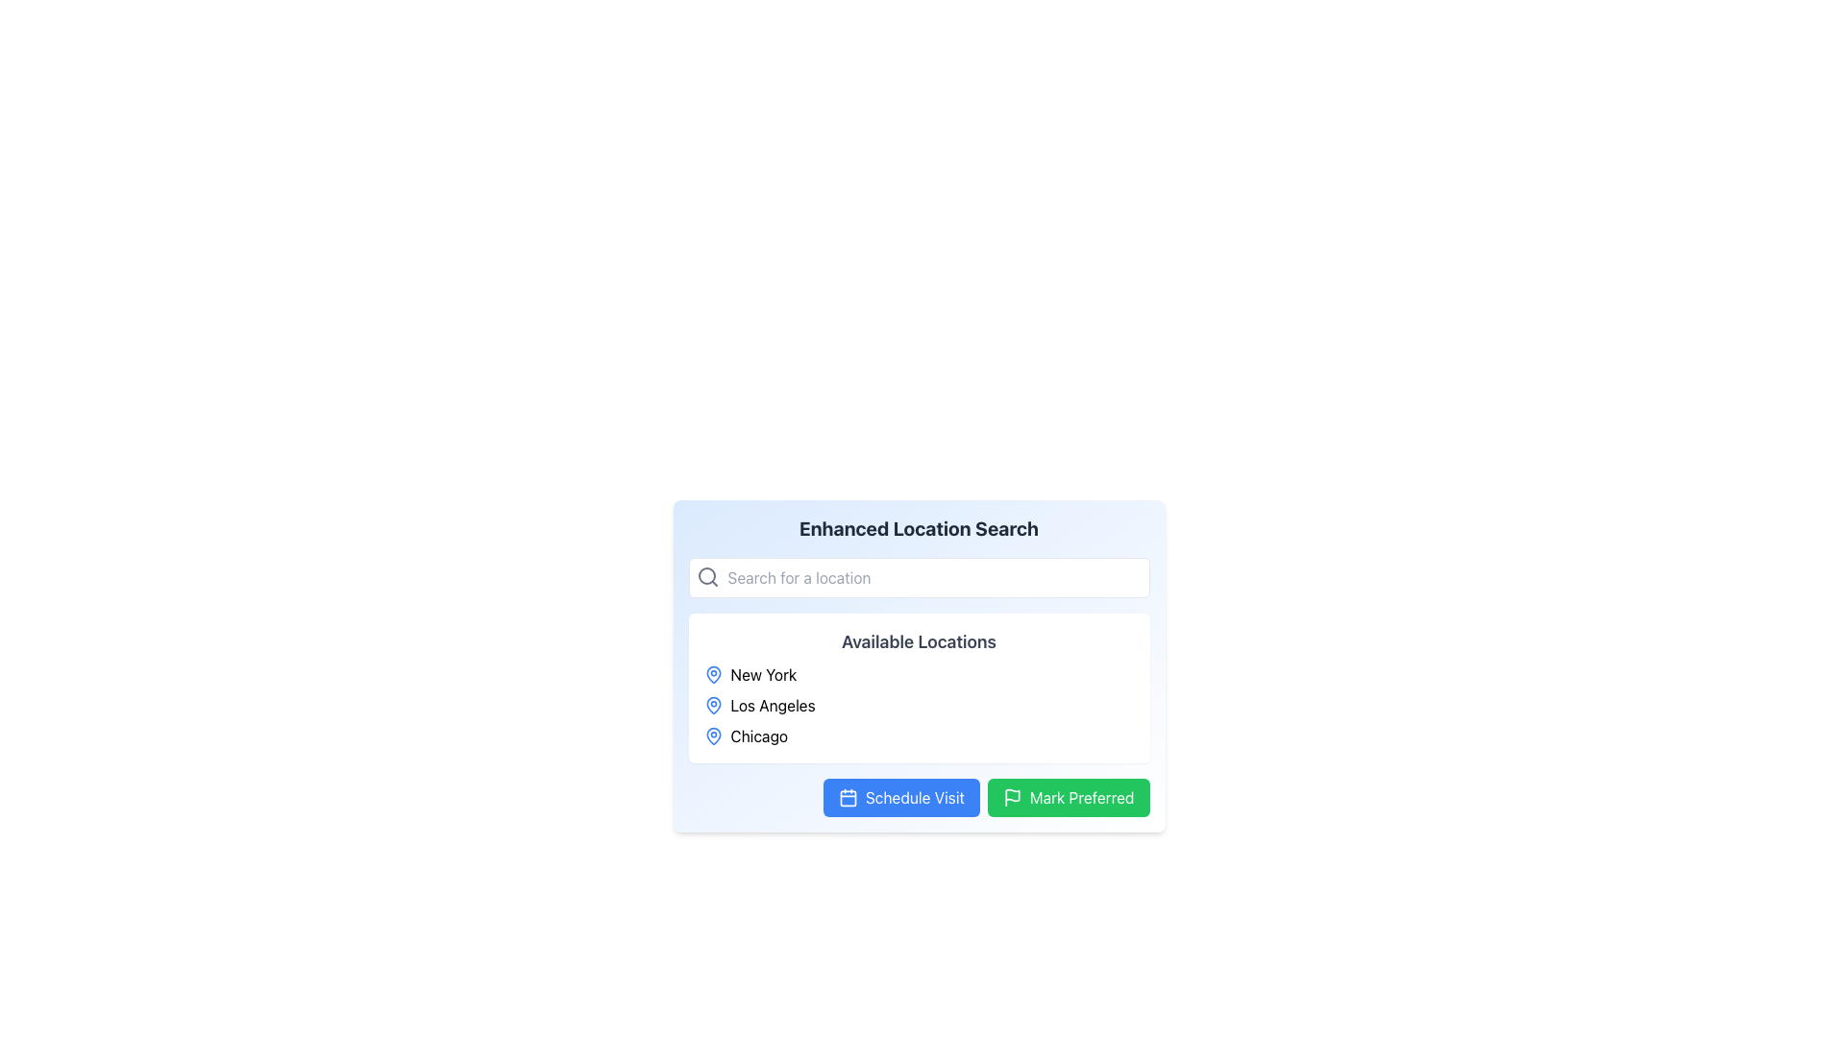 This screenshot has height=1037, width=1845. What do you see at coordinates (712, 736) in the screenshot?
I see `the blue pin icon located next to the text 'Chicago' in the list of 'Available Locations'` at bounding box center [712, 736].